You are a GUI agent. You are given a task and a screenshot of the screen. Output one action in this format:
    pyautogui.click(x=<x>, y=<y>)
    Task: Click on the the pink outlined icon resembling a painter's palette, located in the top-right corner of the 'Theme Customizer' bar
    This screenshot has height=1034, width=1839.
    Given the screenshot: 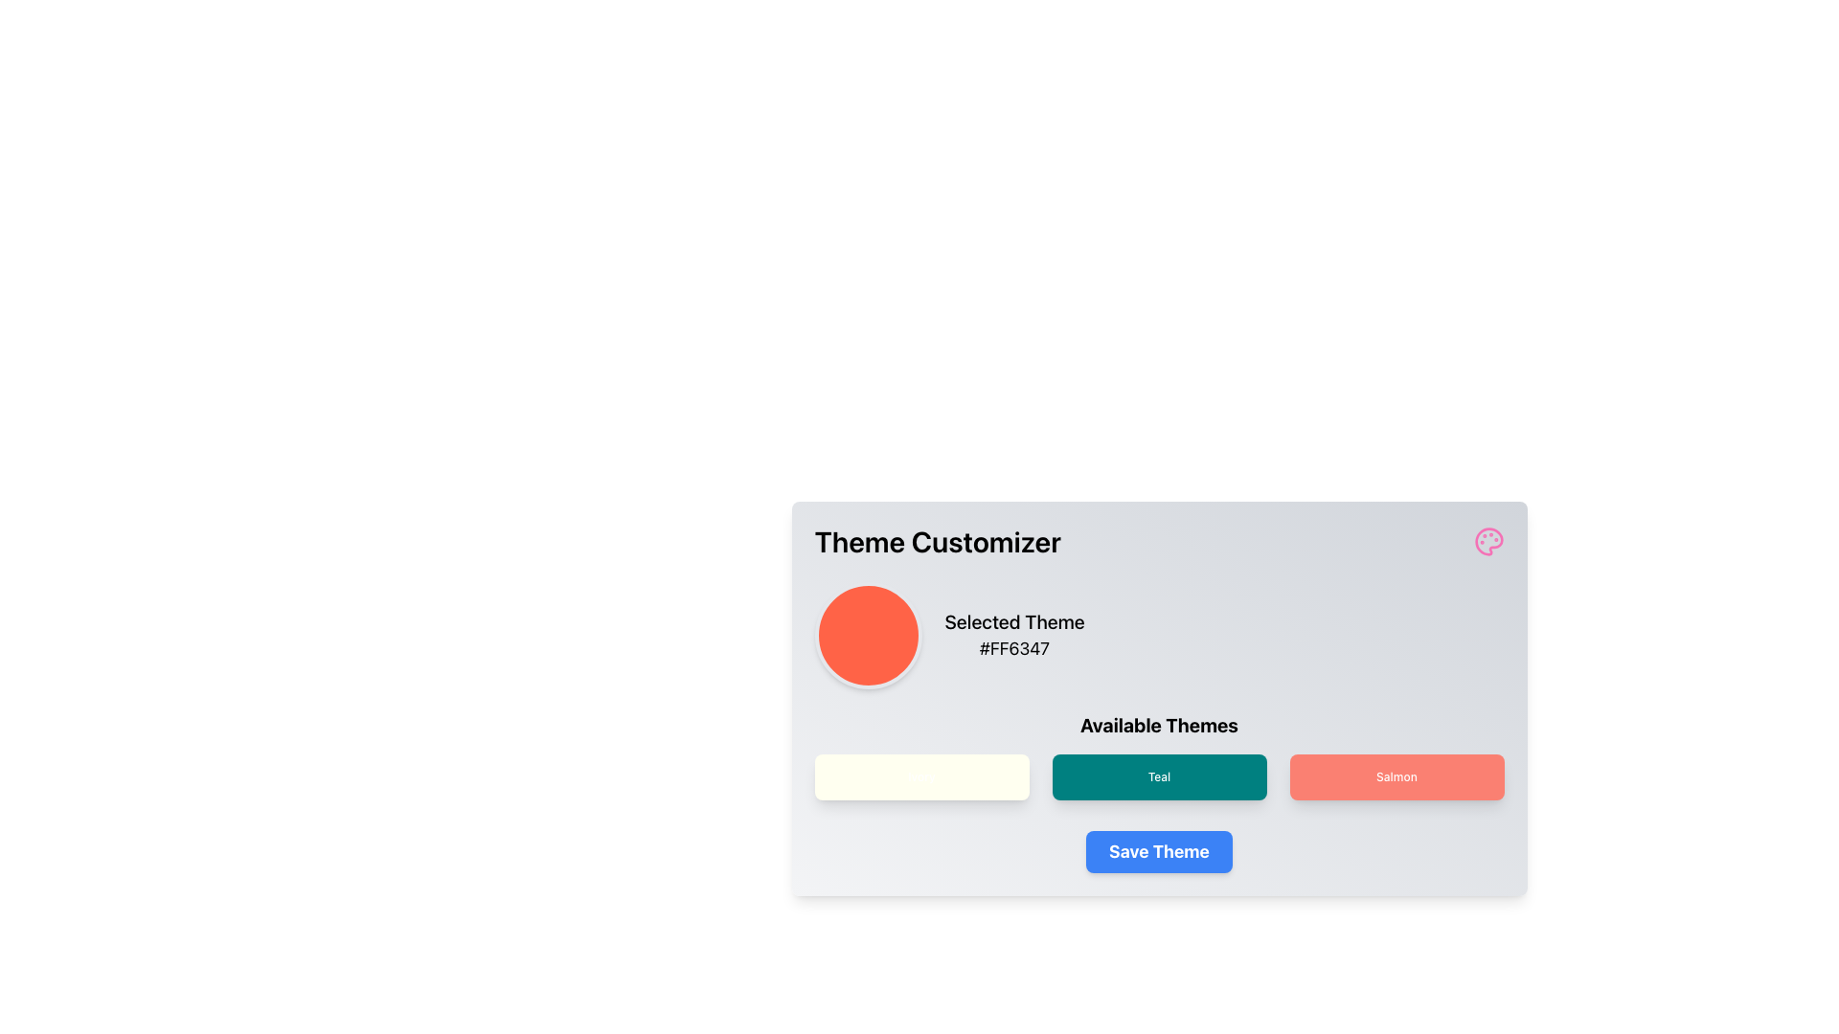 What is the action you would take?
    pyautogui.click(x=1487, y=542)
    